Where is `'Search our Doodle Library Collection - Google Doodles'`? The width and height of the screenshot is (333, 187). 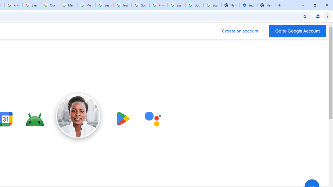 'Search our Doodle Library Collection - Google Doodles' is located at coordinates (104, 5).